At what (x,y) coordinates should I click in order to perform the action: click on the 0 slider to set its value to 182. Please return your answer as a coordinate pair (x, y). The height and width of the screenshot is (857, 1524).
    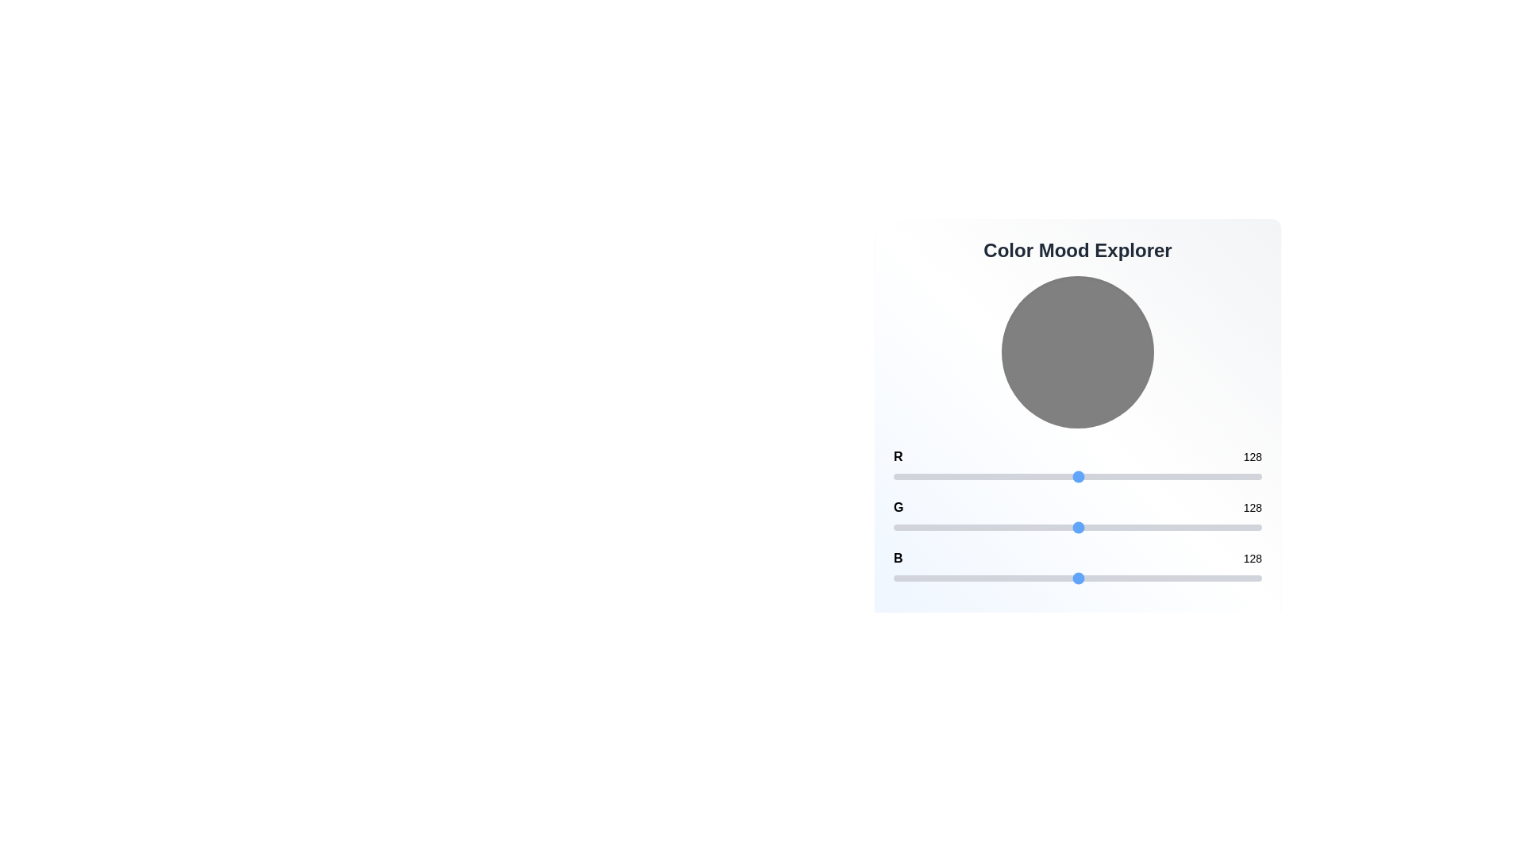
    Looking at the image, I should click on (1156, 476).